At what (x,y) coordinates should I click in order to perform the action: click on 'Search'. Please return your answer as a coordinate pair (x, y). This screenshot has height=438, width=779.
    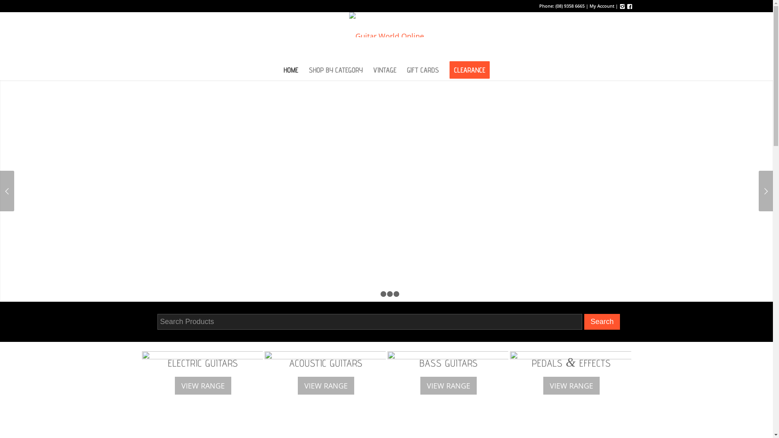
    Looking at the image, I should click on (602, 321).